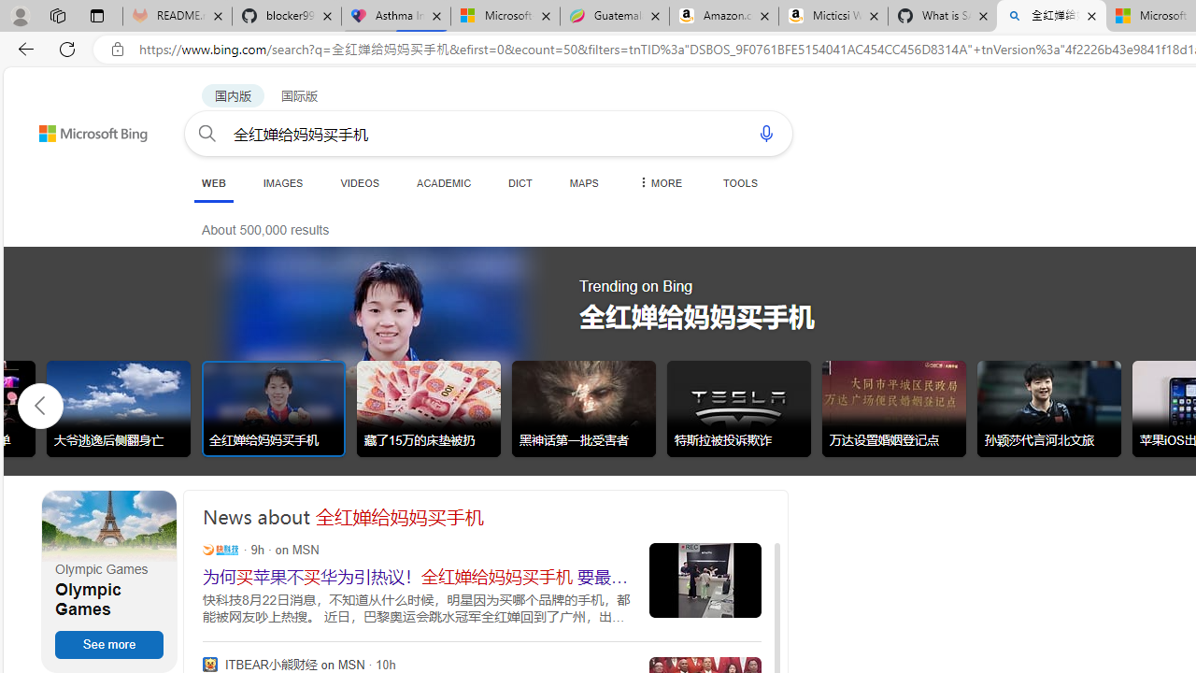 The width and height of the screenshot is (1196, 673). Describe the element at coordinates (520, 182) in the screenshot. I see `'DICT'` at that location.